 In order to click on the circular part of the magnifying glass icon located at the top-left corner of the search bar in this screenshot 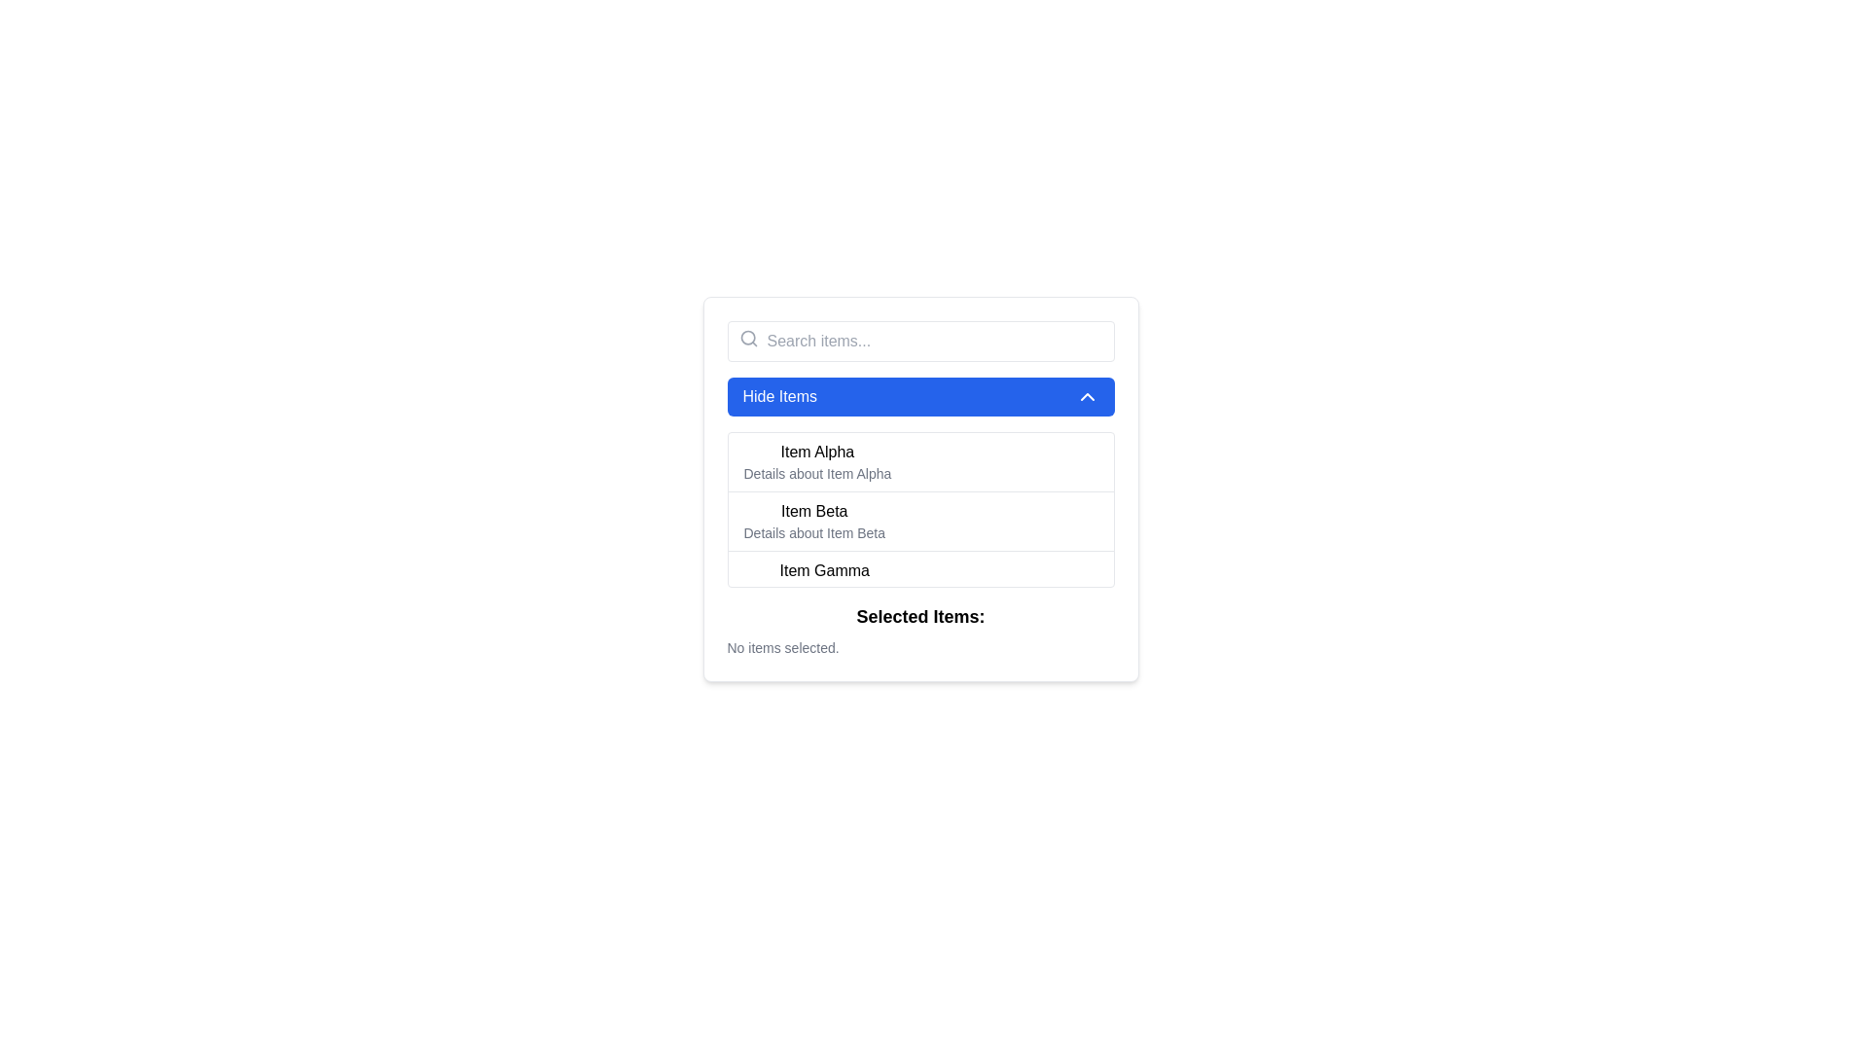, I will do `click(746, 337)`.